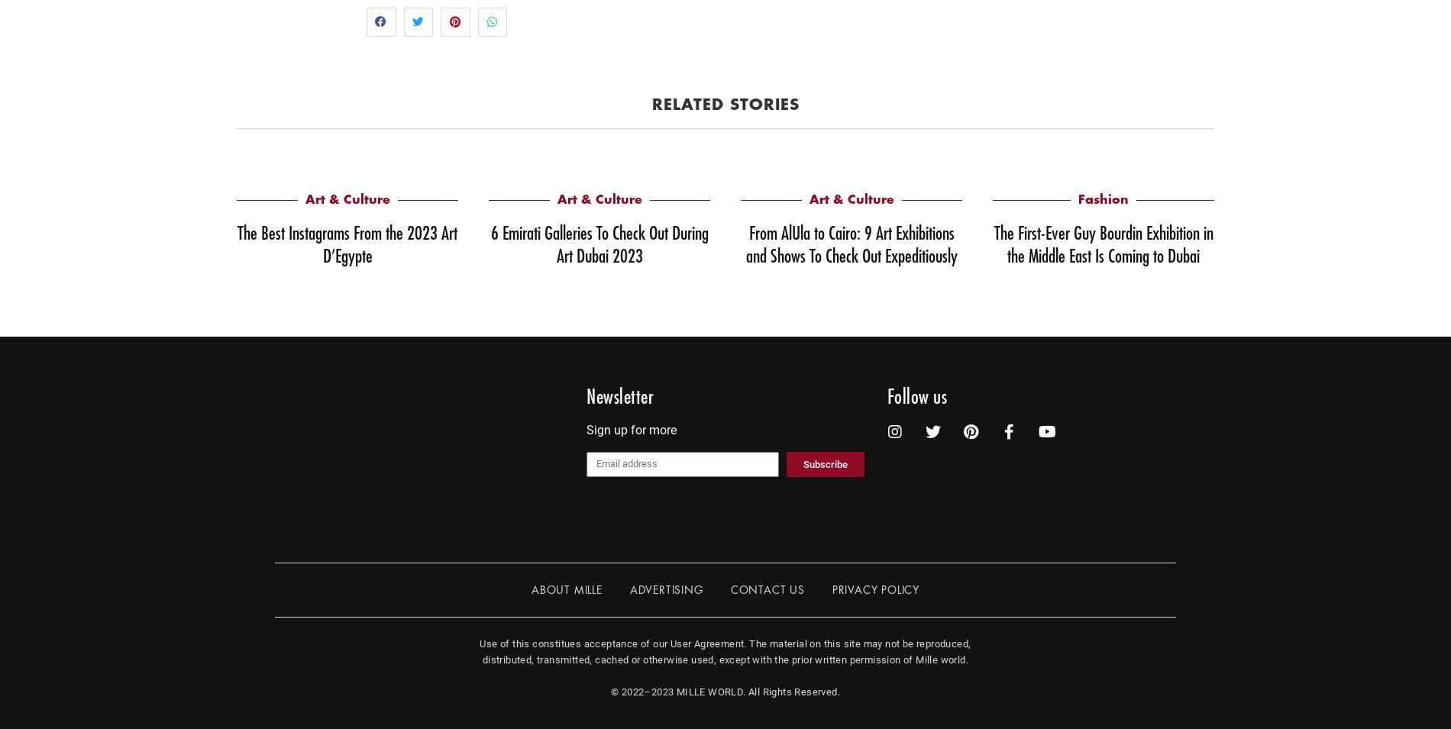  What do you see at coordinates (598, 244) in the screenshot?
I see `'6 Emirati Galleries To Check Out During Art Dubai 2023'` at bounding box center [598, 244].